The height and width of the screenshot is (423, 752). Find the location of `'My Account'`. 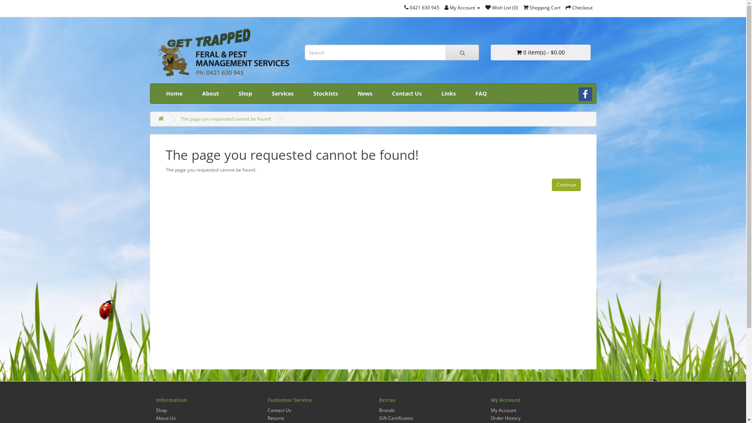

'My Account' is located at coordinates (462, 7).